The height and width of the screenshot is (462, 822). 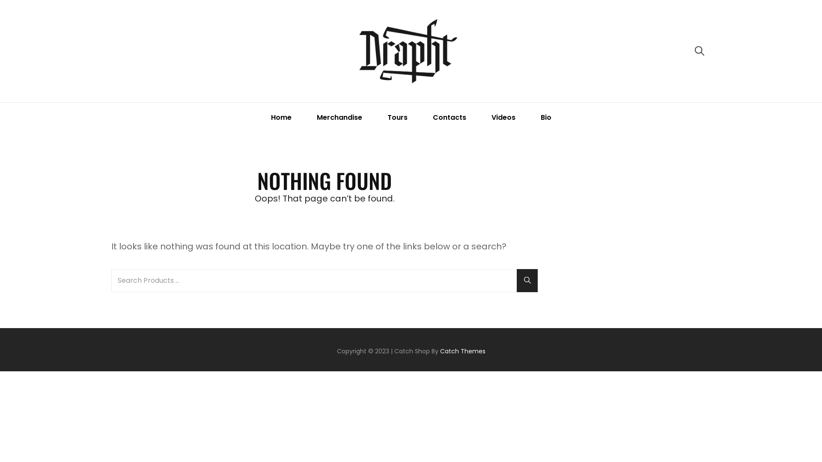 I want to click on 'Home', so click(x=259, y=117).